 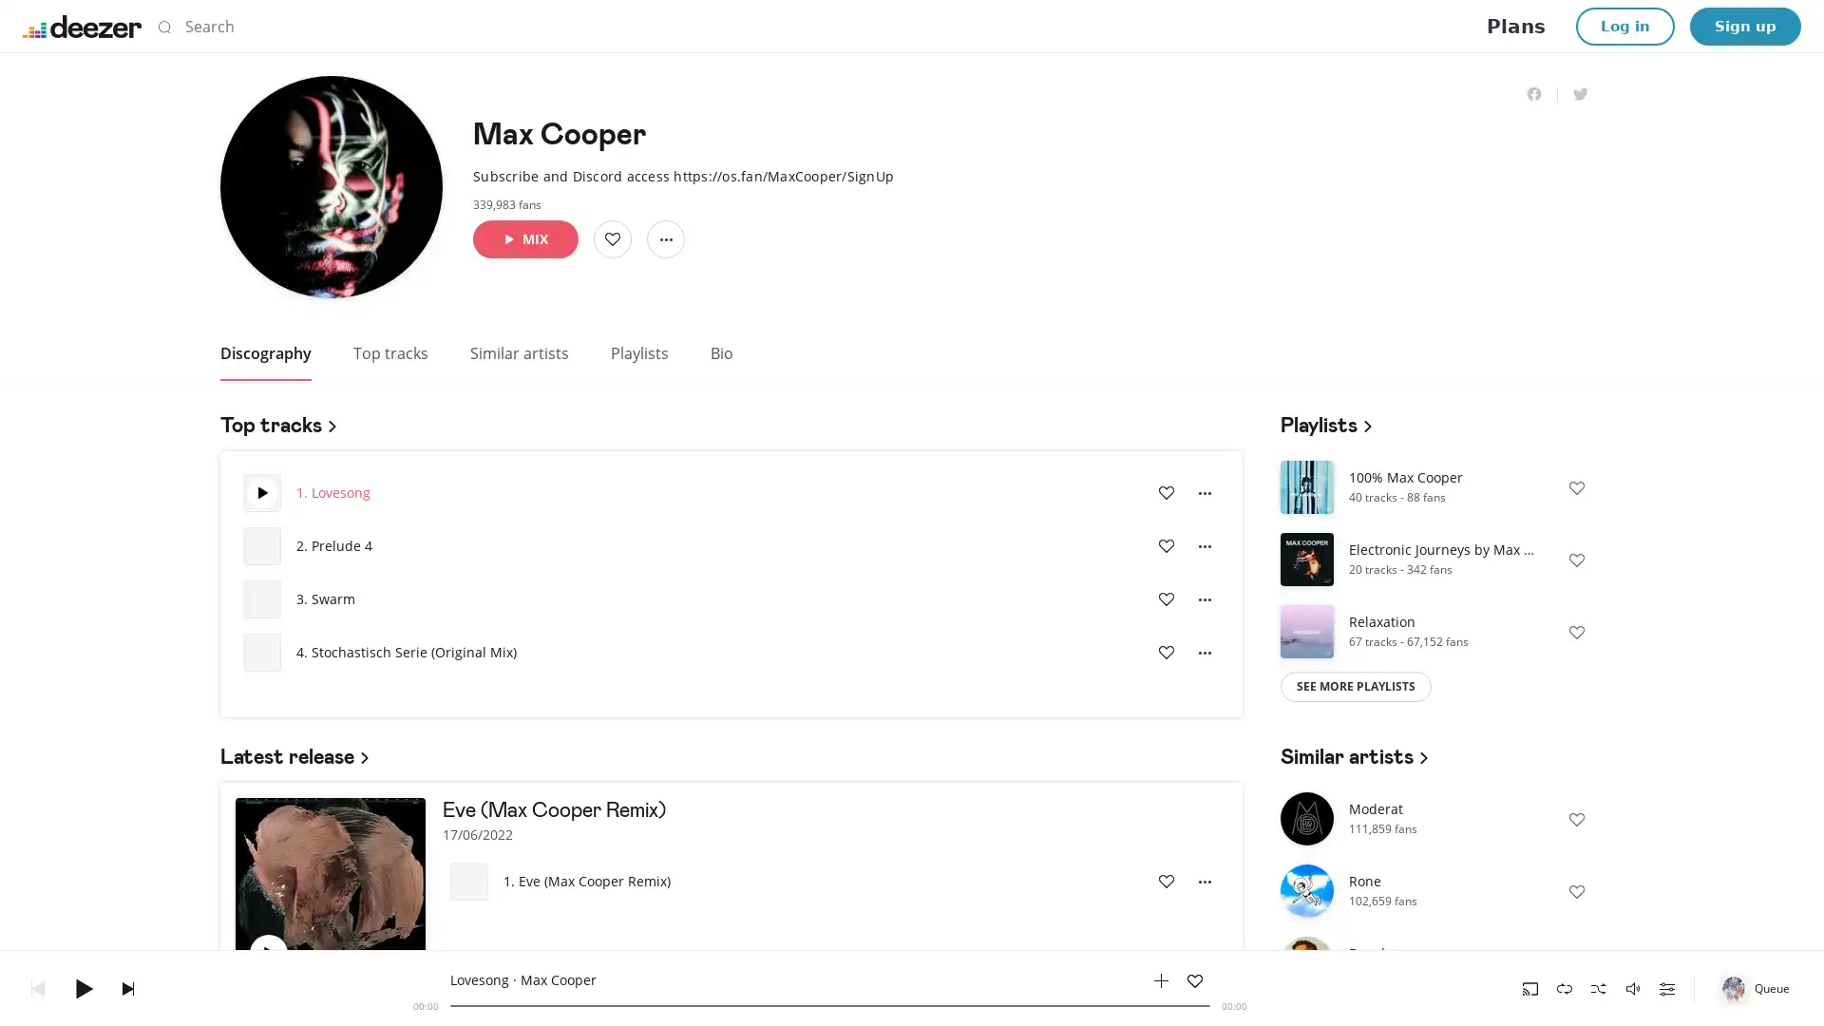 I want to click on Queue, so click(x=1756, y=987).